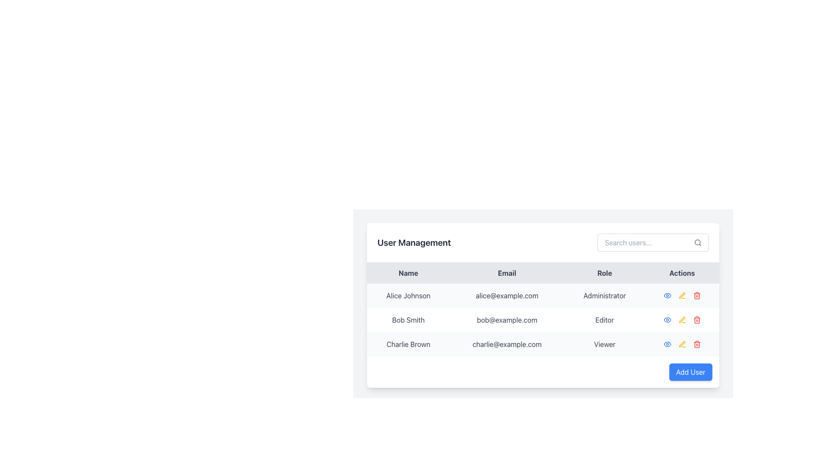 The image size is (835, 469). I want to click on the small, yellow, pencil-shaped icon in the 'Actions' column of the first row under the 'Administrator' role, so click(681, 295).